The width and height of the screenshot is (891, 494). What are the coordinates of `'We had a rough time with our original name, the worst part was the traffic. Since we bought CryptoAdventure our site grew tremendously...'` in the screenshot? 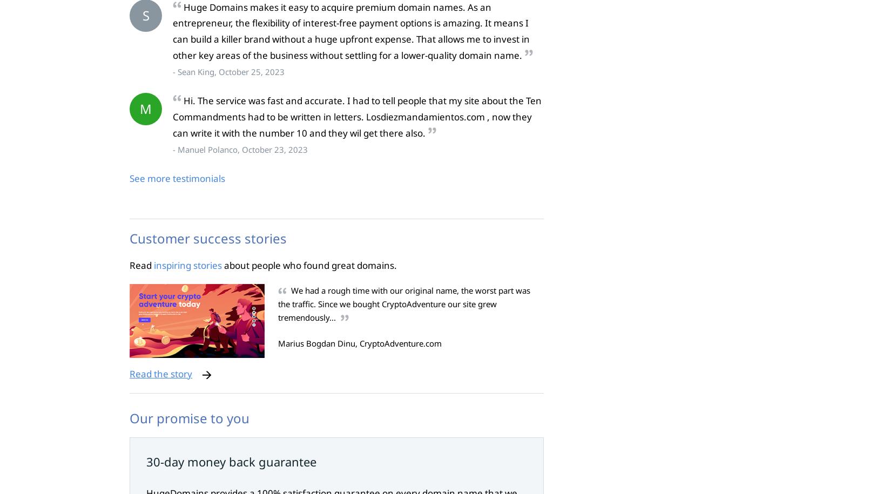 It's located at (403, 303).